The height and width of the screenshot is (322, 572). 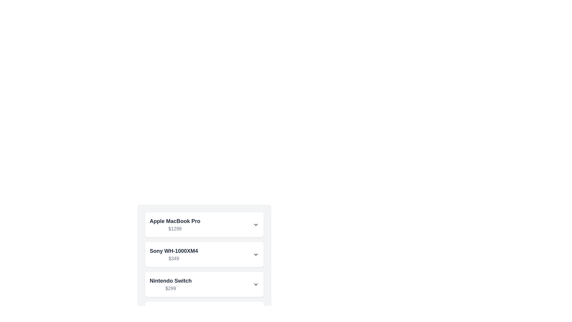 What do you see at coordinates (170, 281) in the screenshot?
I see `the text label displaying 'Nintendo Switch', which is located beneath 'Sony WH-1000XM4' and above the price '$299' within a vertical list` at bounding box center [170, 281].